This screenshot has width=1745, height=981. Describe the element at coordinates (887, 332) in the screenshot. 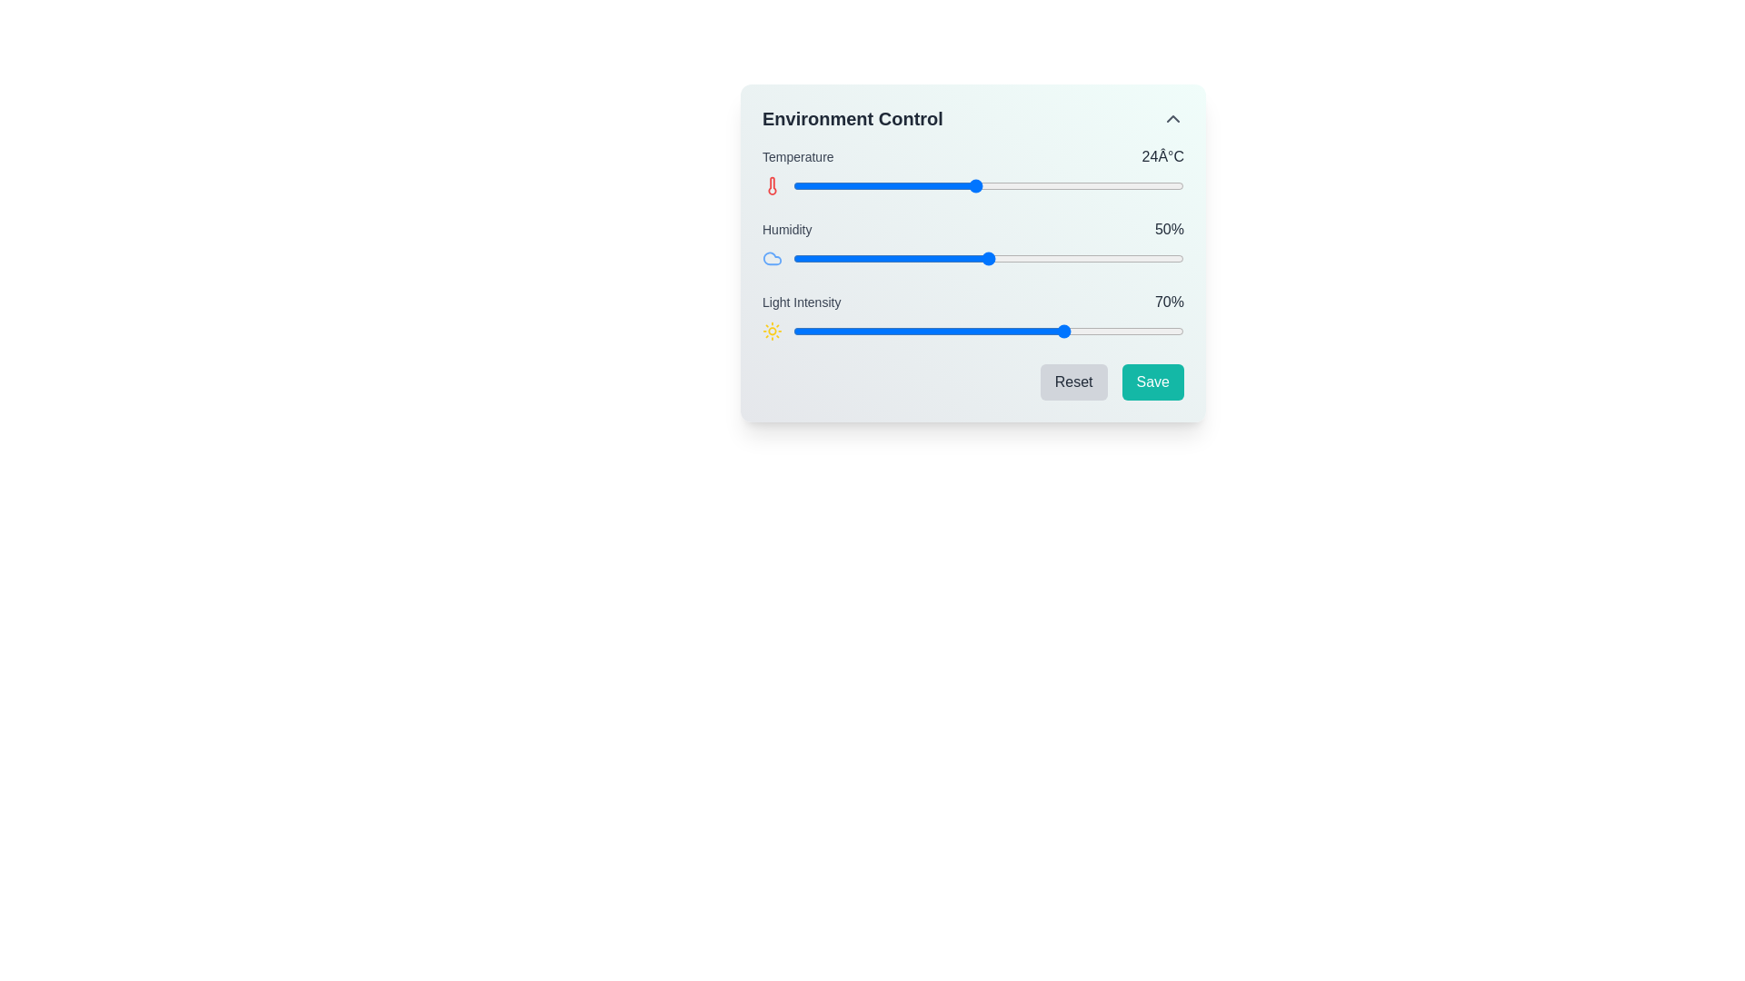

I see `the light intensity` at that location.